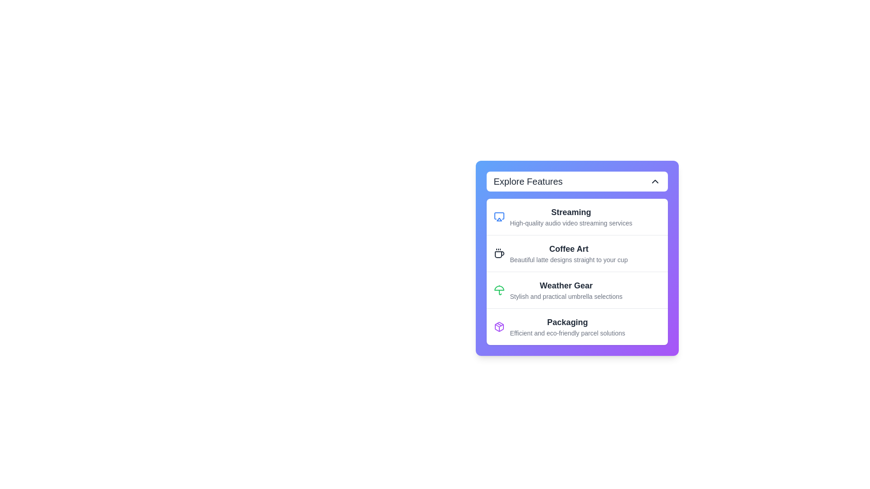 Image resolution: width=870 pixels, height=489 pixels. What do you see at coordinates (498, 216) in the screenshot?
I see `the first icon representing the 'Streaming' feature in the 'Explore Features' section, positioned to the left of the text 'Streaming'` at bounding box center [498, 216].